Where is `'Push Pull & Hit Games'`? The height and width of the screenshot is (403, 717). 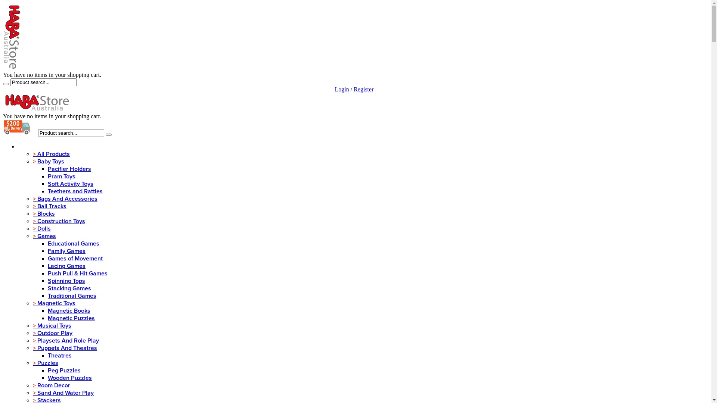
'Push Pull & Hit Games' is located at coordinates (77, 273).